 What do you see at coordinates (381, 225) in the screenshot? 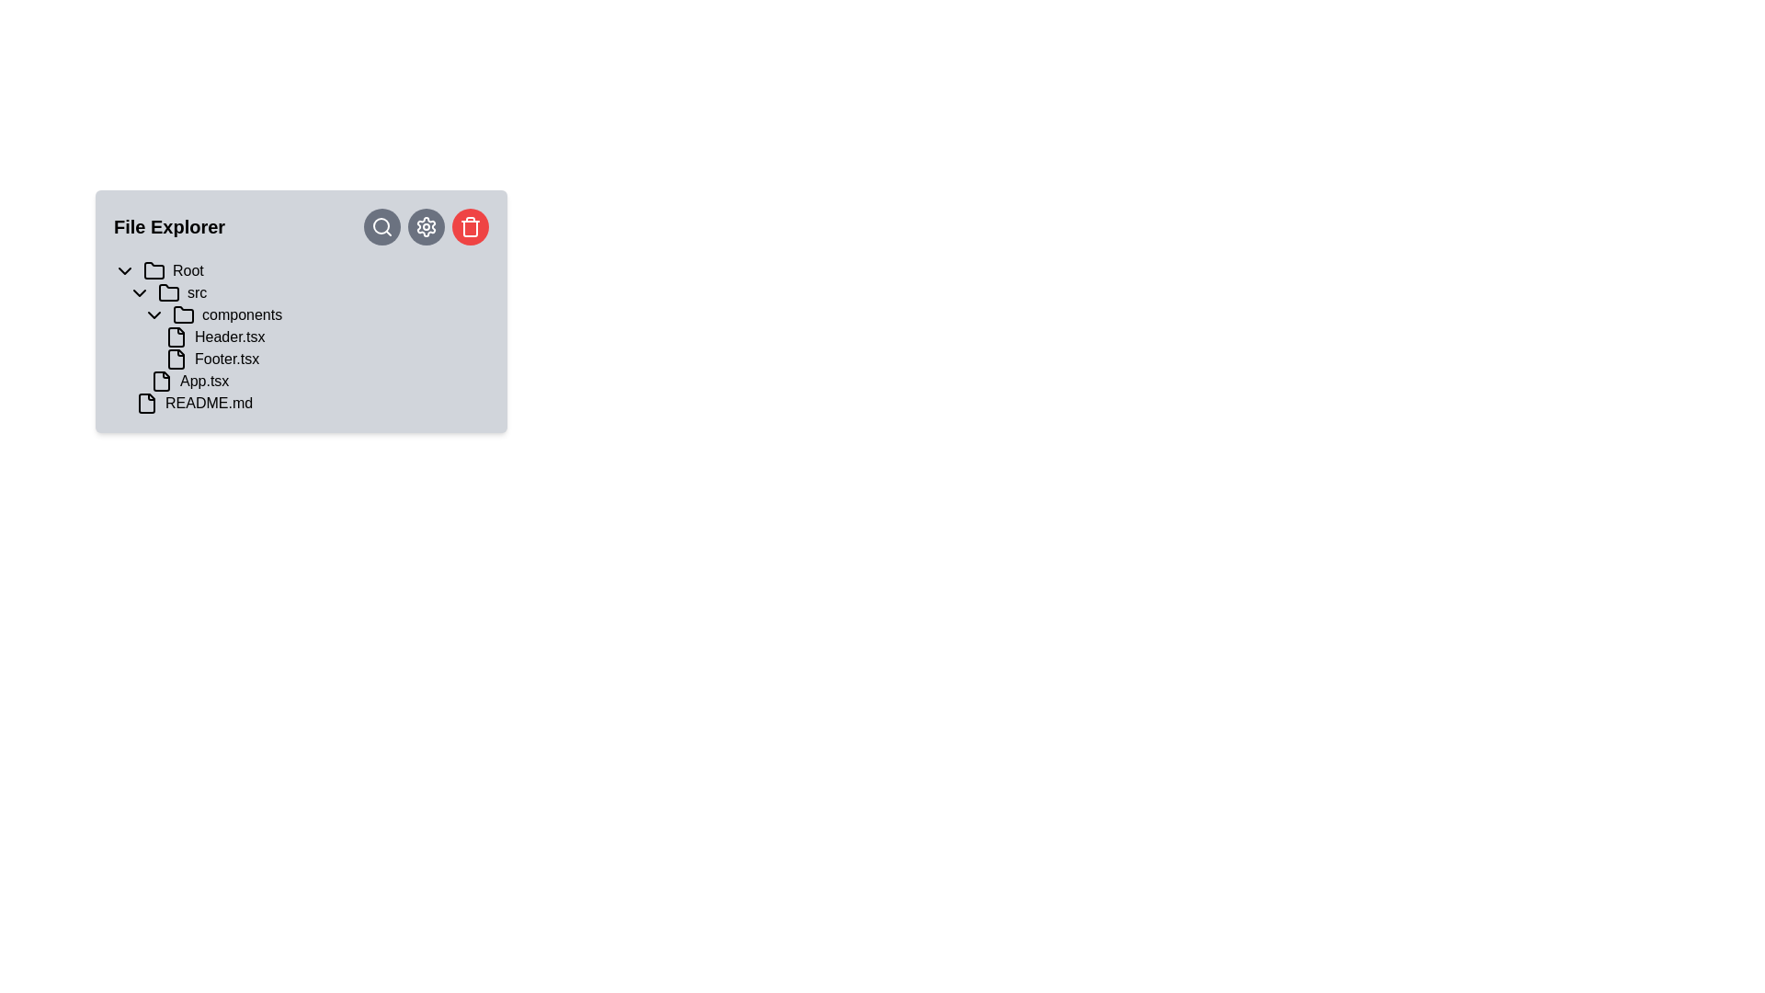
I see `the circular search button with a magnifying glass inside, located in the upper-right corner of the 'File Explorer' panel, to initiate a search action` at bounding box center [381, 225].